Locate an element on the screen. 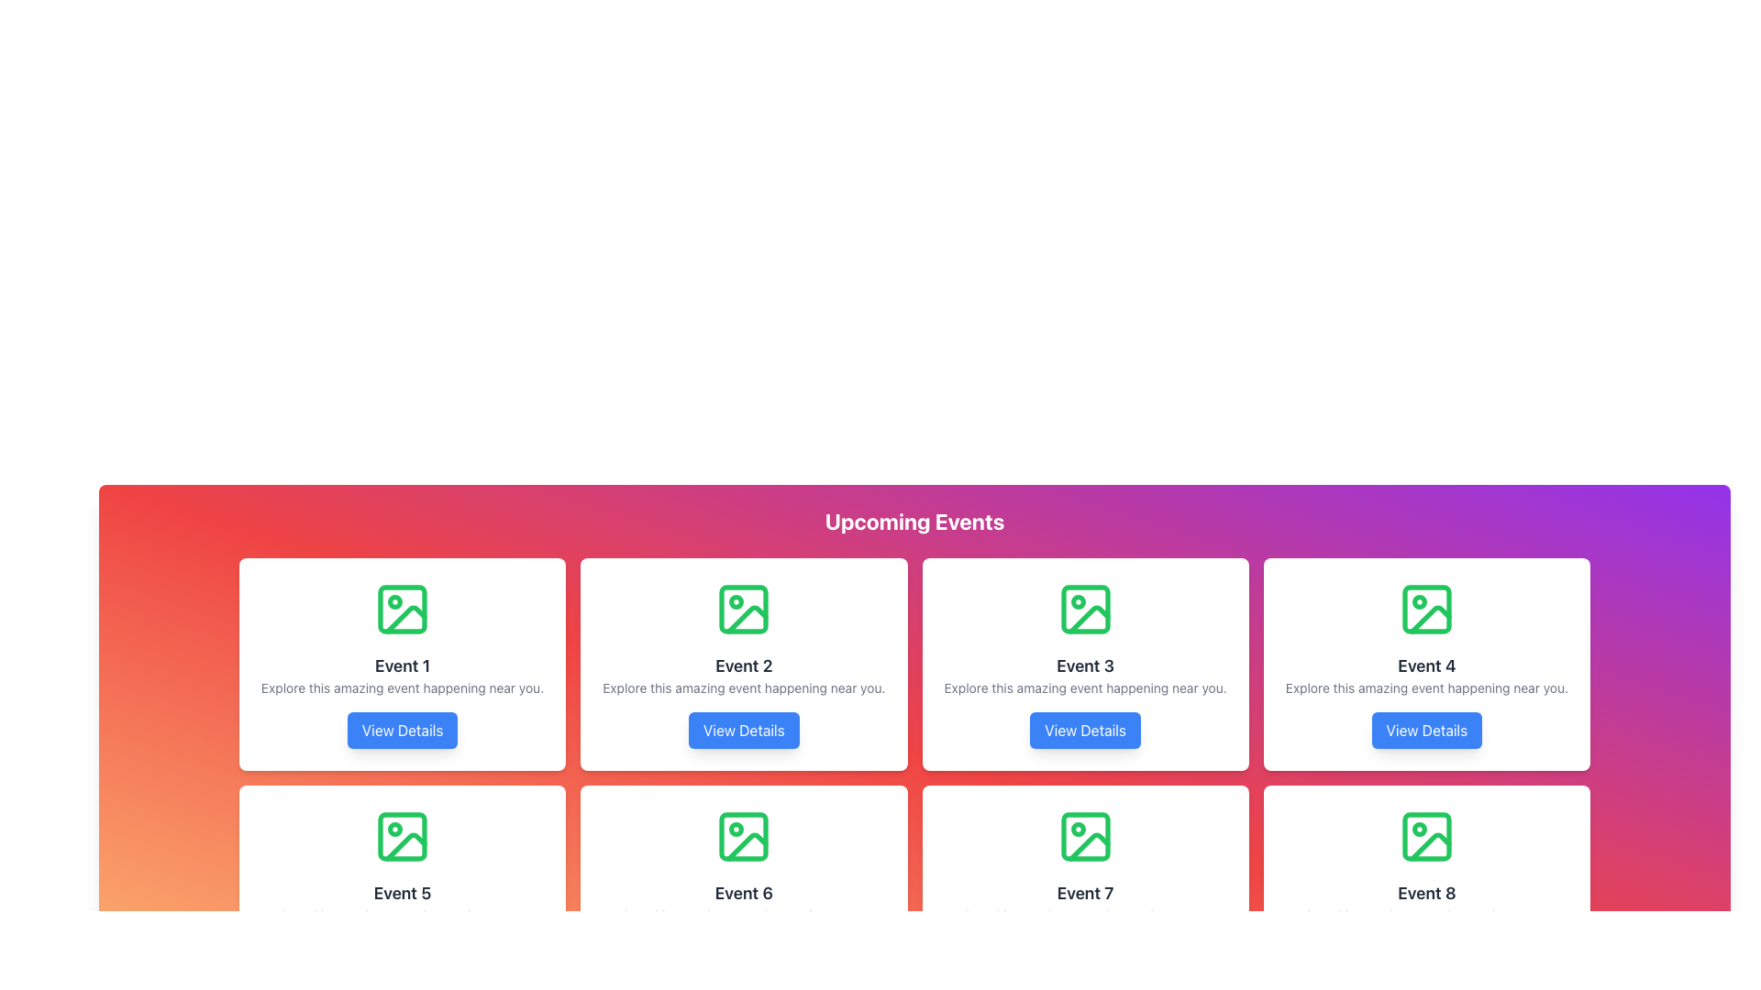 The height and width of the screenshot is (990, 1761). the visual icon representing 'Event 7' located at the top section of the 'Event 7' card is located at coordinates (1085, 837).